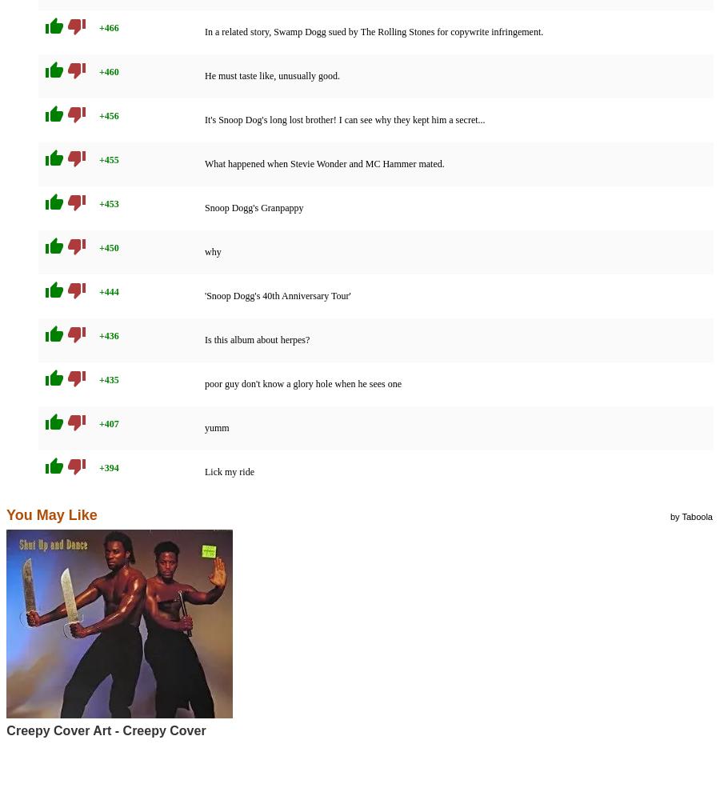  Describe the element at coordinates (256, 340) in the screenshot. I see `'Is this album about herpes?'` at that location.